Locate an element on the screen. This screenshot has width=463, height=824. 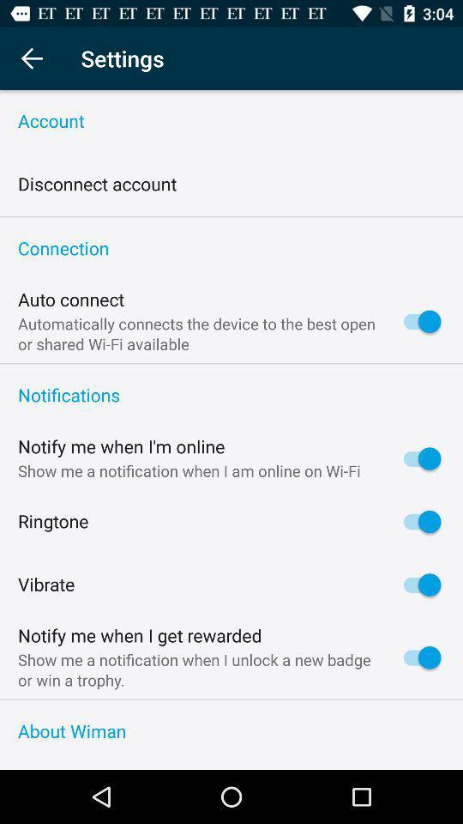
the vibrate is located at coordinates (46, 585).